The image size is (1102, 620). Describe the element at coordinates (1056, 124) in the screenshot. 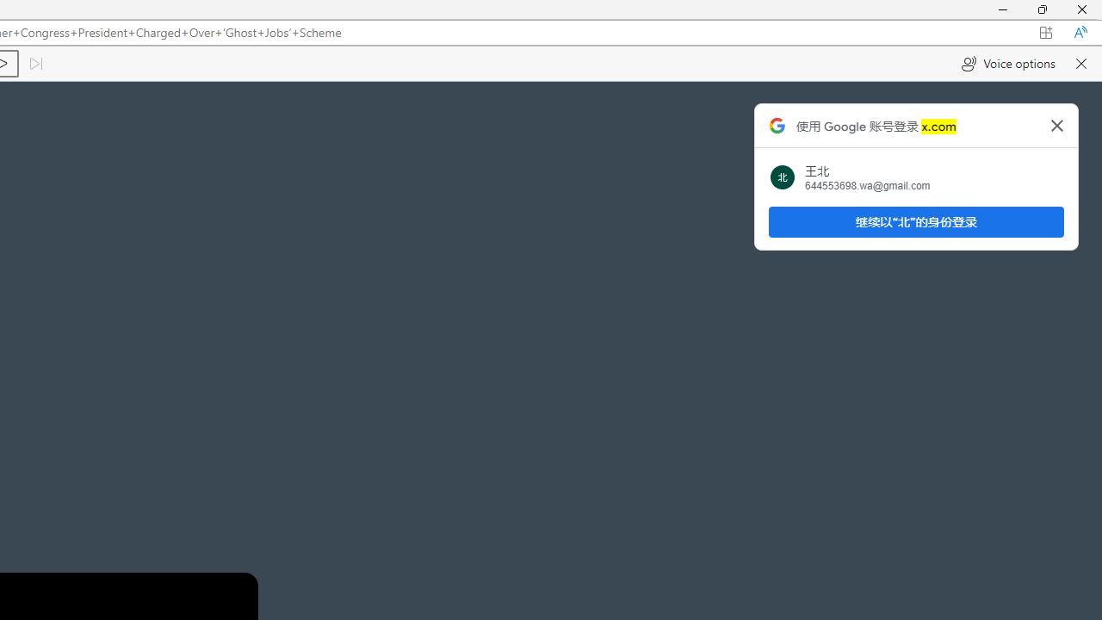

I see `'Class: Bz112c Bz112c-r9oPif'` at that location.